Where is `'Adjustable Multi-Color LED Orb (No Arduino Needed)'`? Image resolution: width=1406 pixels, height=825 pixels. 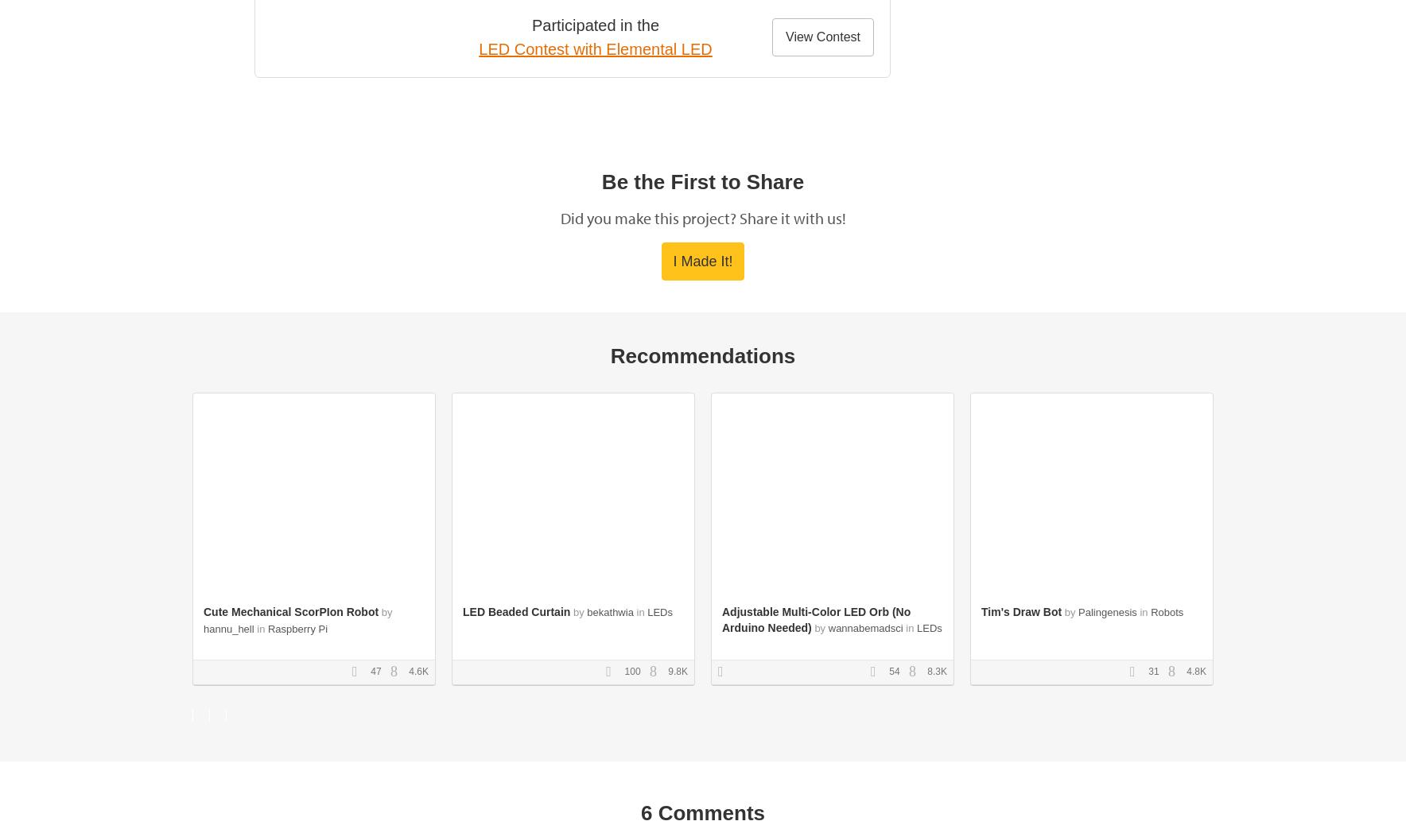 'Adjustable Multi-Color LED Orb (No Arduino Needed)' is located at coordinates (815, 619).